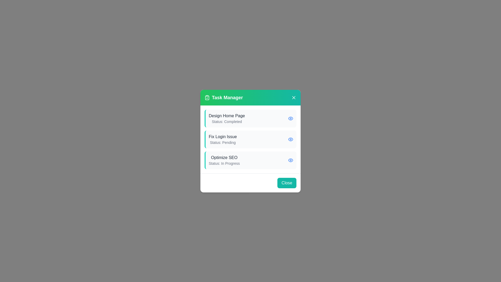  What do you see at coordinates (250, 160) in the screenshot?
I see `the 'Optimize SEO' card with a teal left border that contains the title 'Optimize SEO' and the subtitle 'Status: In Progress' to interact with it` at bounding box center [250, 160].